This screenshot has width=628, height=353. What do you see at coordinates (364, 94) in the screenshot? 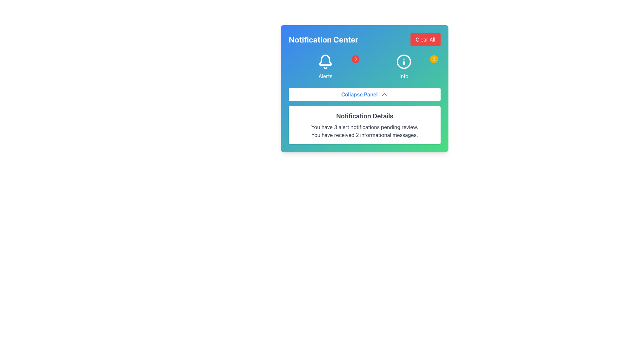
I see `the 'Collapse Panel' button with an upward-facing chevron icon` at bounding box center [364, 94].